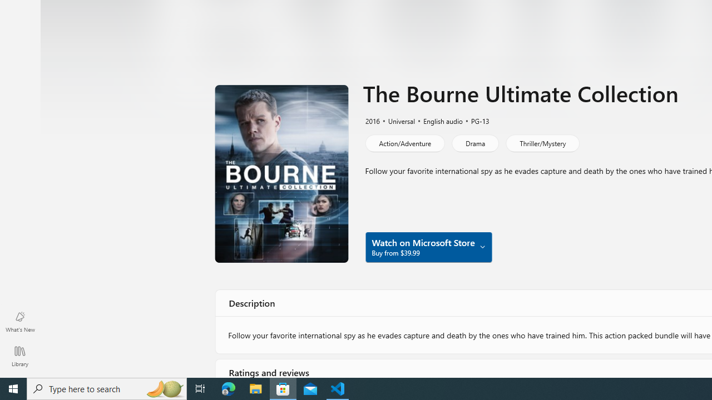  What do you see at coordinates (437, 121) in the screenshot?
I see `'English audio'` at bounding box center [437, 121].